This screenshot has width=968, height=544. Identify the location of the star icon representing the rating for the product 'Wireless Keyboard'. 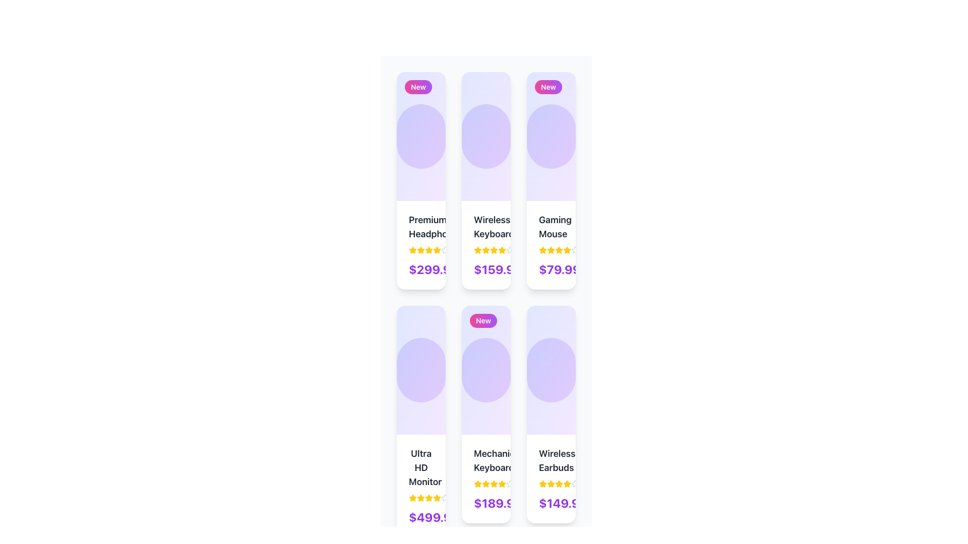
(486, 249).